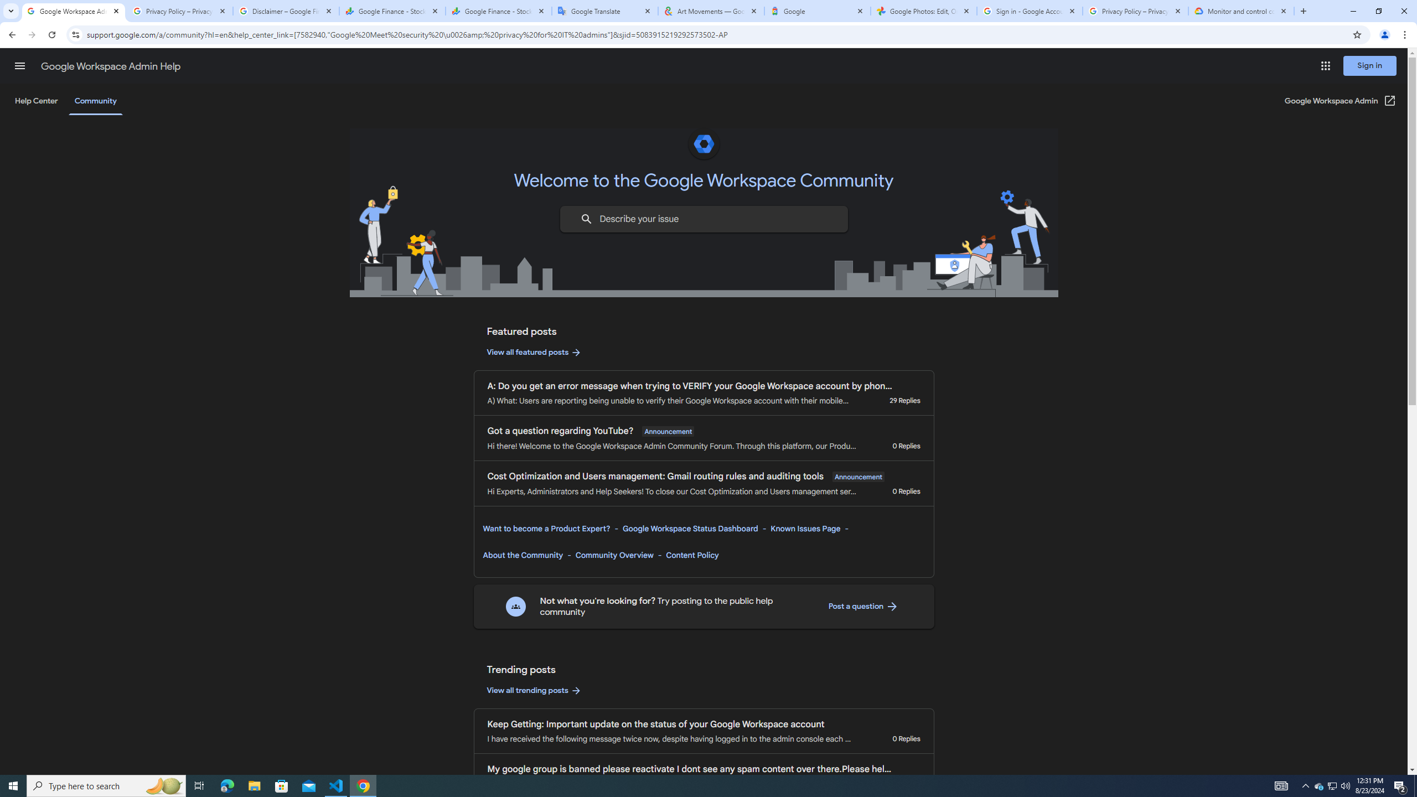  Describe the element at coordinates (36, 100) in the screenshot. I see `'Help Center'` at that location.